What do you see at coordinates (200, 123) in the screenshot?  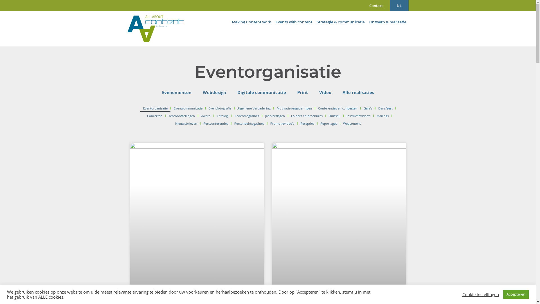 I see `'Persconferenties'` at bounding box center [200, 123].